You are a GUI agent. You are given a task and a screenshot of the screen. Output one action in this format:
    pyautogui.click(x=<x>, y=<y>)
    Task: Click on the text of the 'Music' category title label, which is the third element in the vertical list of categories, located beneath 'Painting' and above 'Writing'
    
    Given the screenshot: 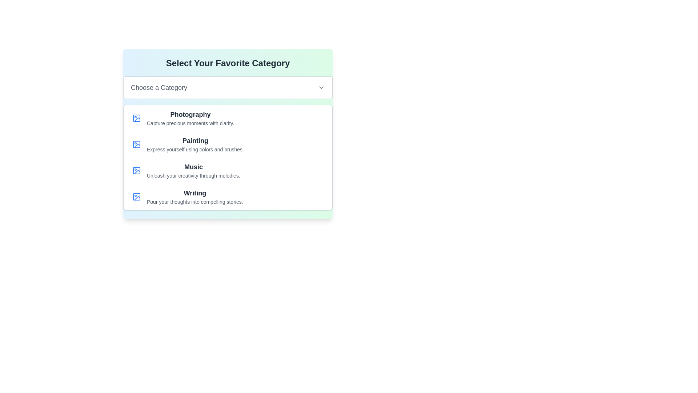 What is the action you would take?
    pyautogui.click(x=193, y=167)
    